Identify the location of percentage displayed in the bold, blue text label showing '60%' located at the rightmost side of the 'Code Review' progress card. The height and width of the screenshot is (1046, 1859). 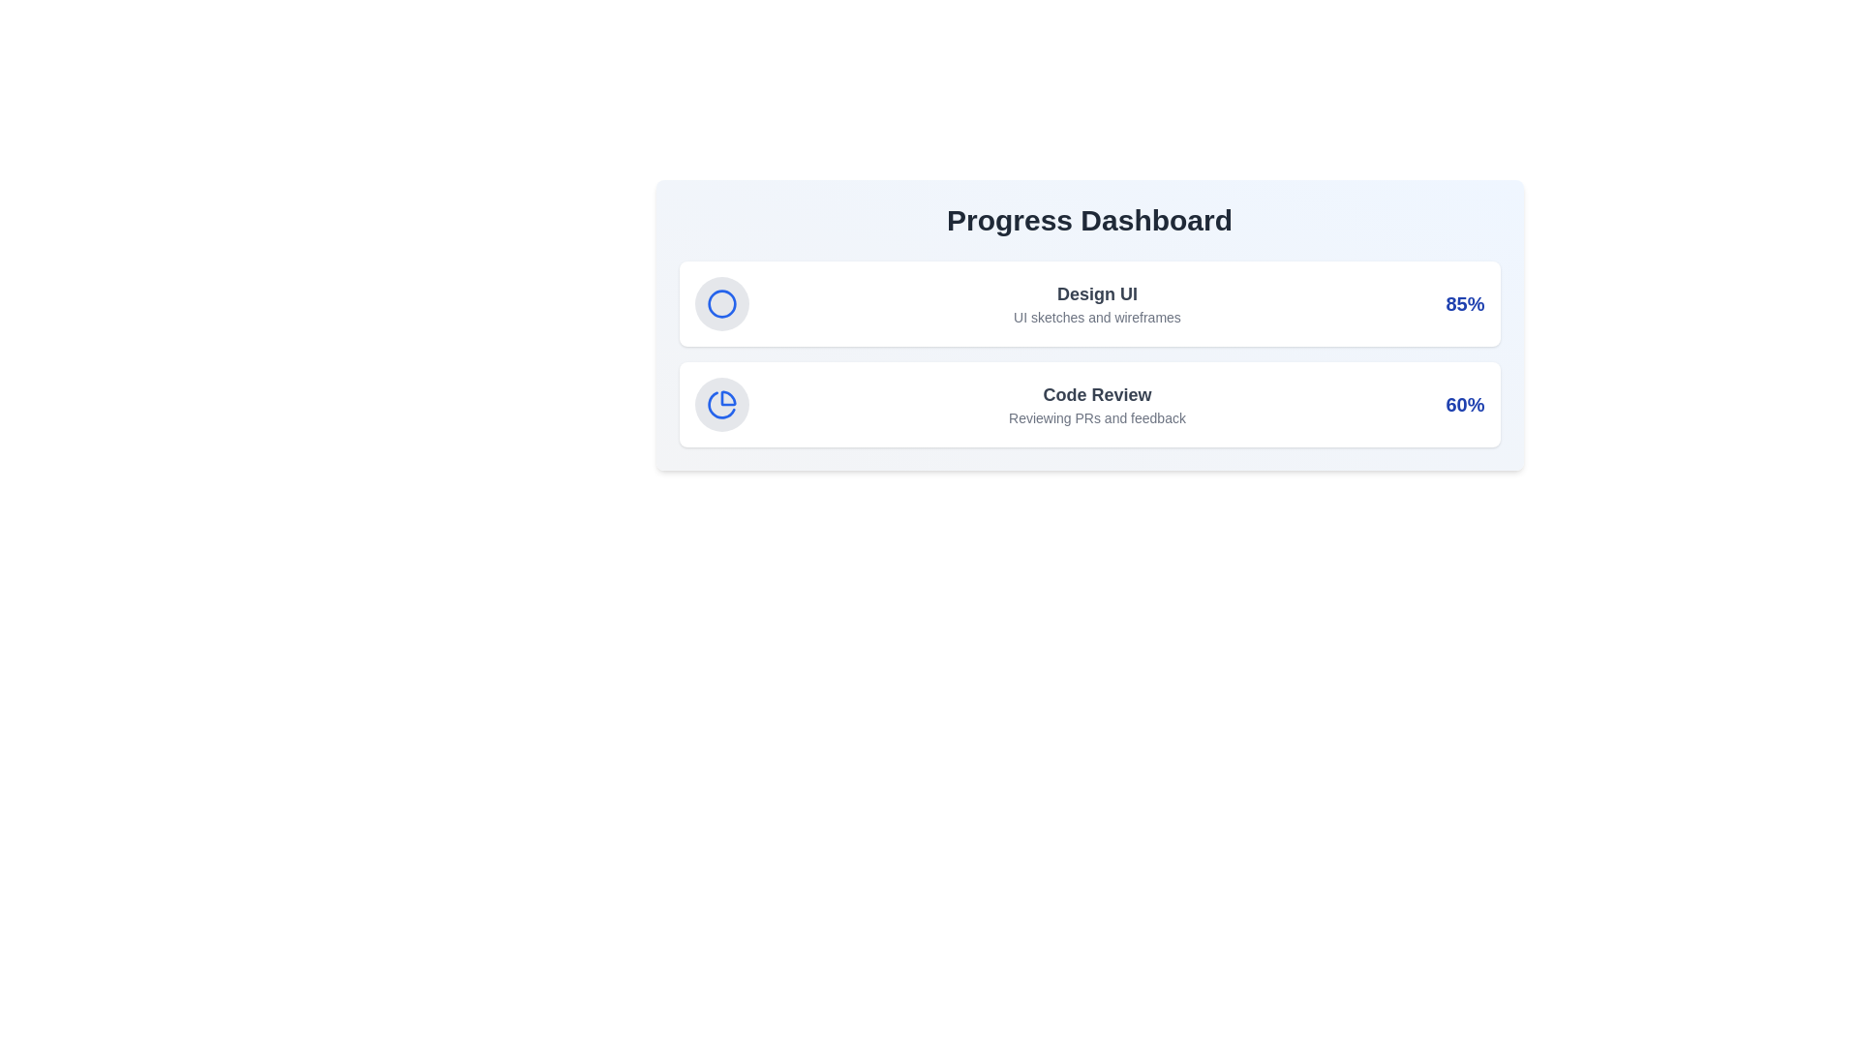
(1465, 403).